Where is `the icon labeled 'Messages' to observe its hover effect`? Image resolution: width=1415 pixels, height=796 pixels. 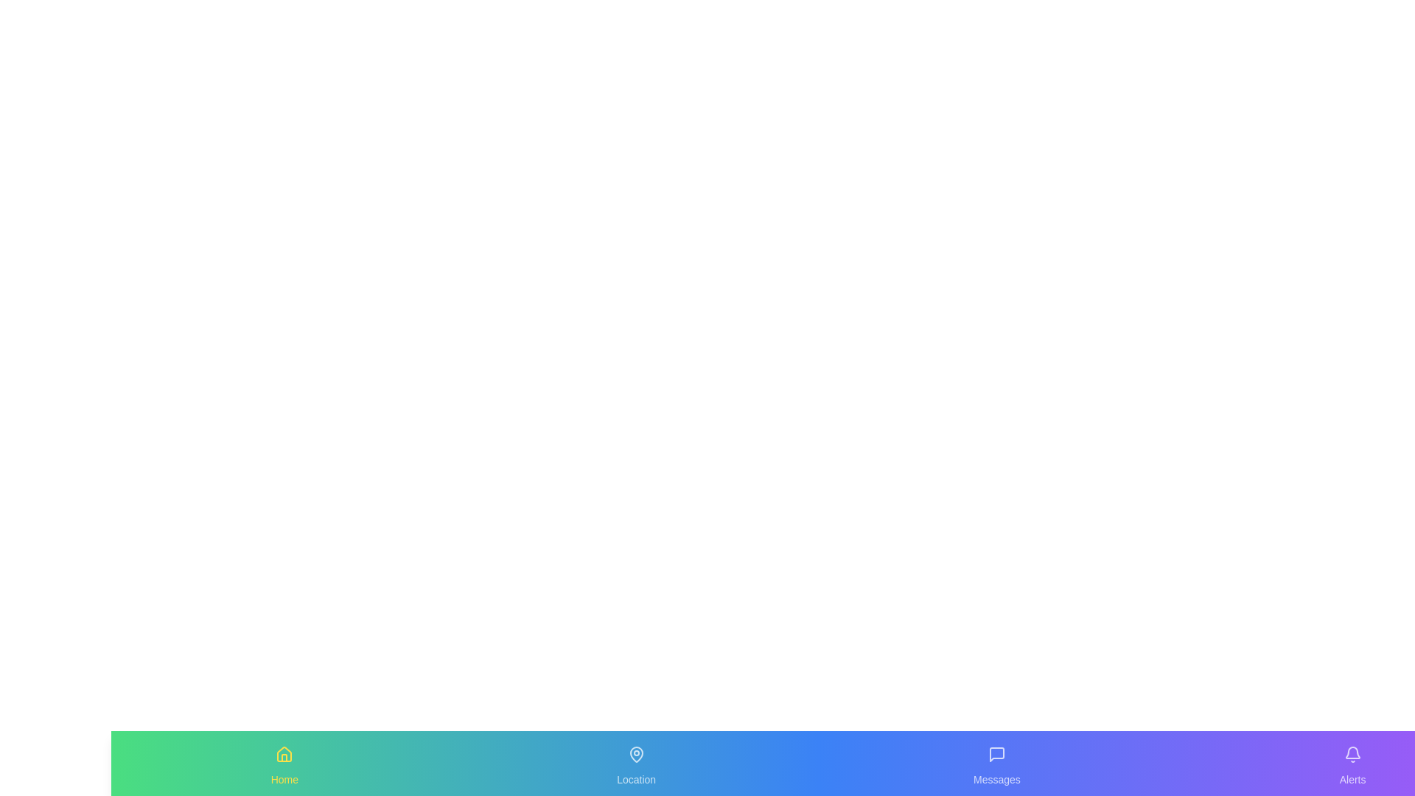 the icon labeled 'Messages' to observe its hover effect is located at coordinates (996, 754).